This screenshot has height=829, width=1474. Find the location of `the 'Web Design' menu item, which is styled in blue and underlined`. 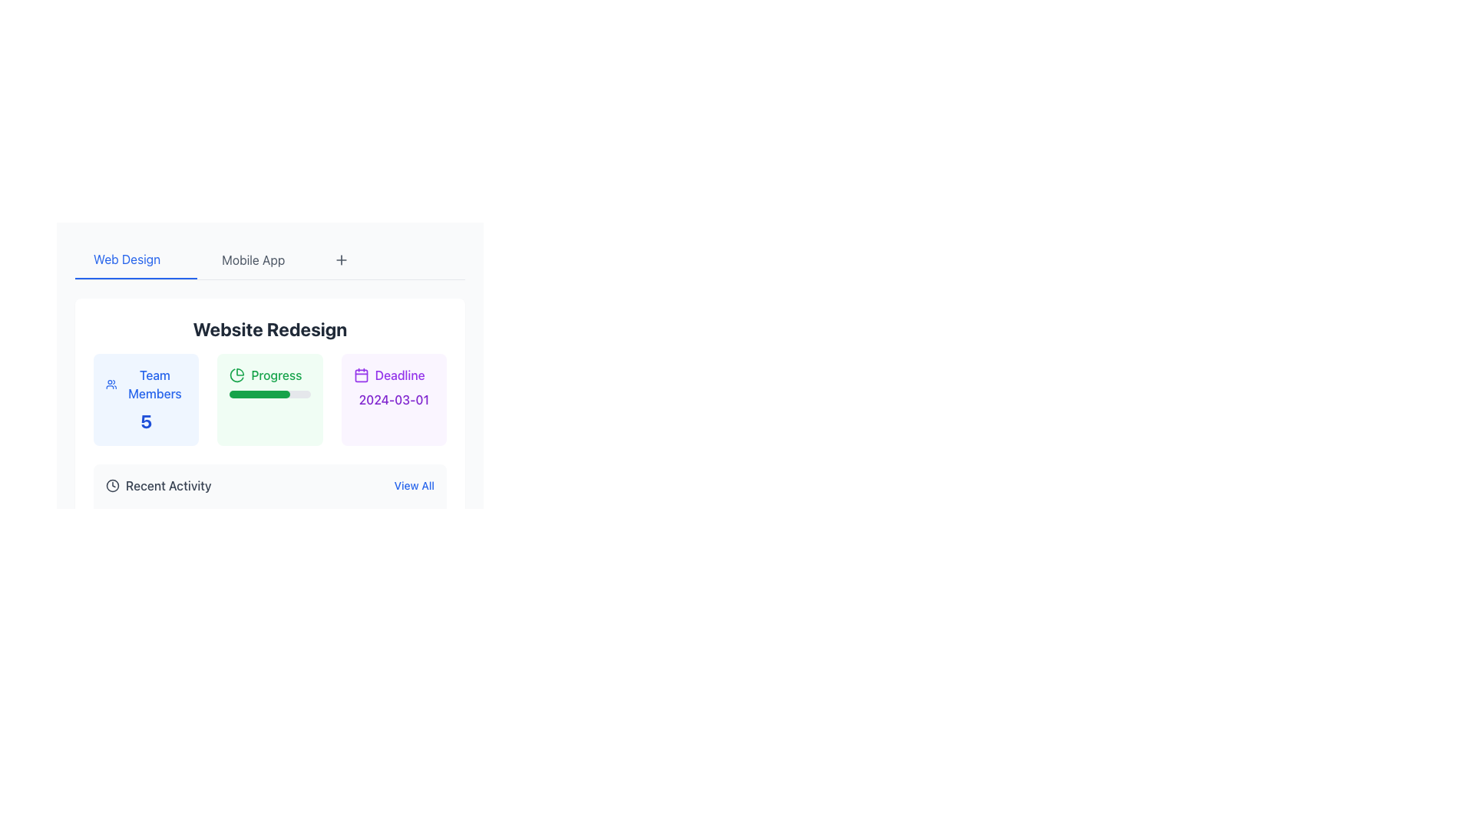

the 'Web Design' menu item, which is styled in blue and underlined is located at coordinates (136, 259).